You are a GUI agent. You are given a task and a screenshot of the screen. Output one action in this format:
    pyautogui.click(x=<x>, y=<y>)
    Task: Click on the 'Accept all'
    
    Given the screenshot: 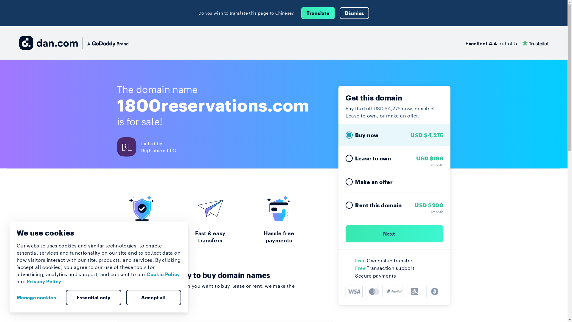 What is the action you would take?
    pyautogui.click(x=125, y=298)
    